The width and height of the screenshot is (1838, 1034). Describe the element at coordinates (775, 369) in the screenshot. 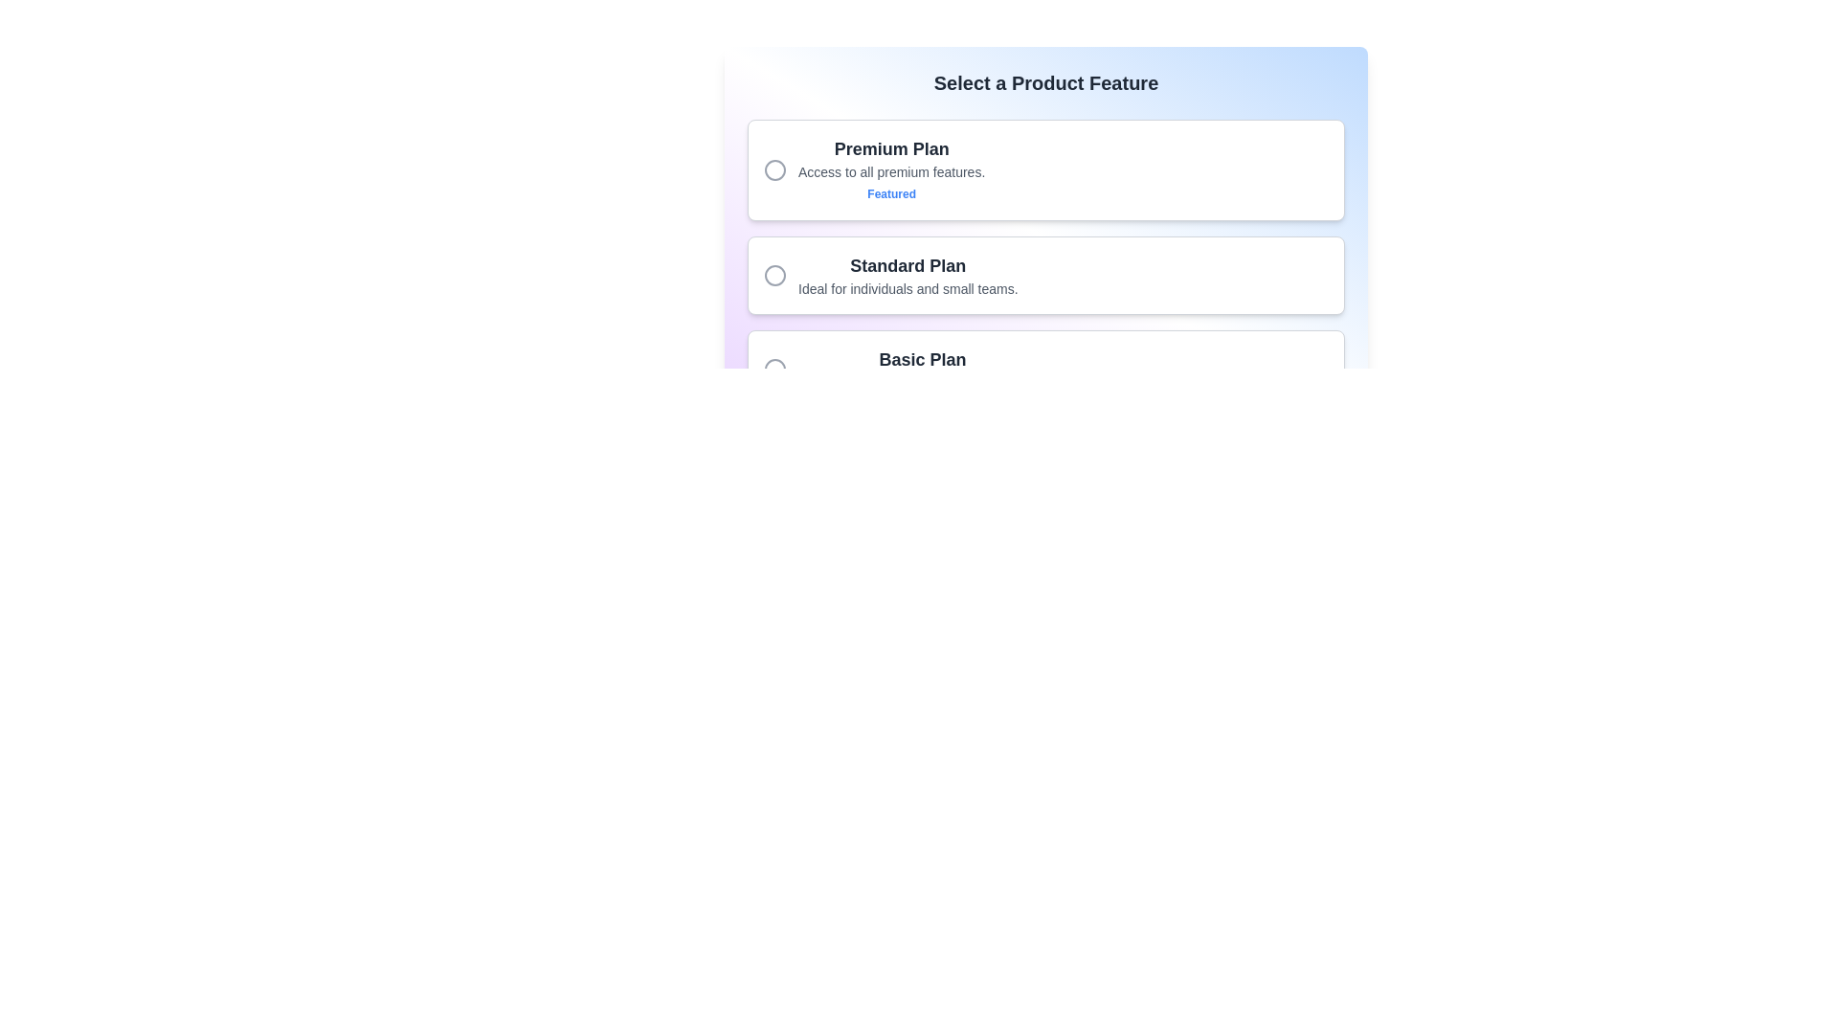

I see `the circular radio button with a thin gray outline and a white background` at that location.